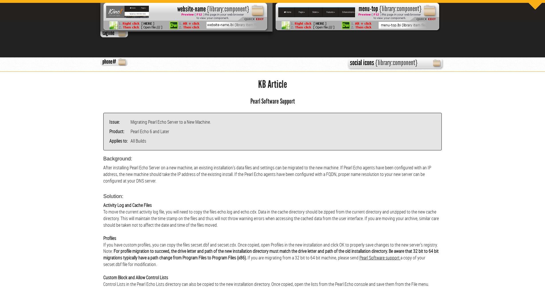 Image resolution: width=545 pixels, height=289 pixels. What do you see at coordinates (114, 122) in the screenshot?
I see `'Issue:'` at bounding box center [114, 122].